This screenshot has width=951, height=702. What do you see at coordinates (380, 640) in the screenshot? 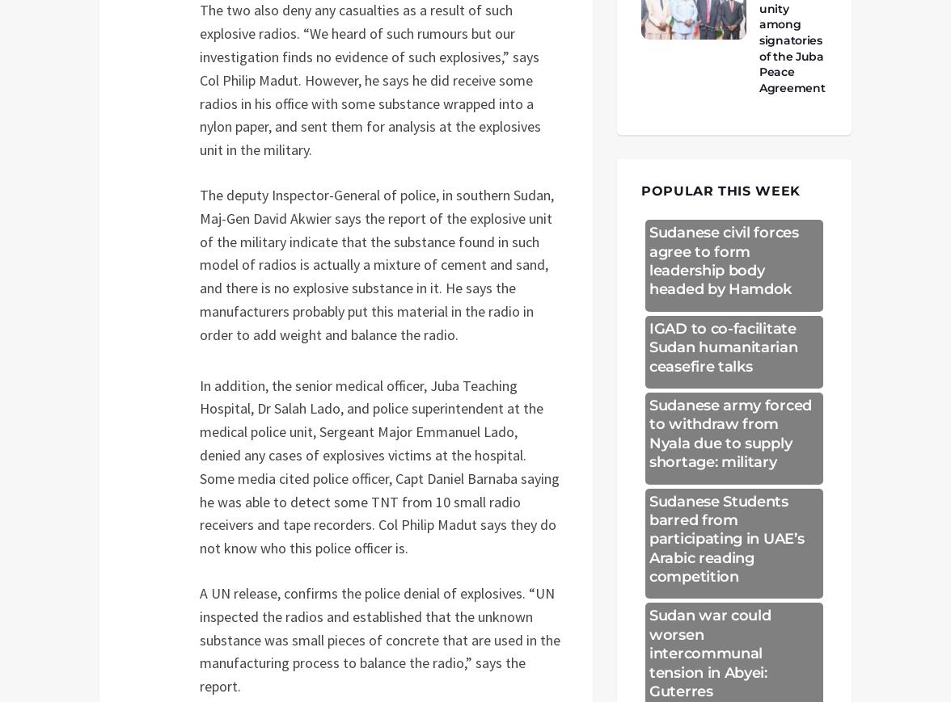
I see `'A UN release, confirms the police denial of explosives. “UN inspected the radios and established that the unknown substance was small pieces of concrete that are used in the manufacturing process to balance the radio,” says the report.'` at bounding box center [380, 640].